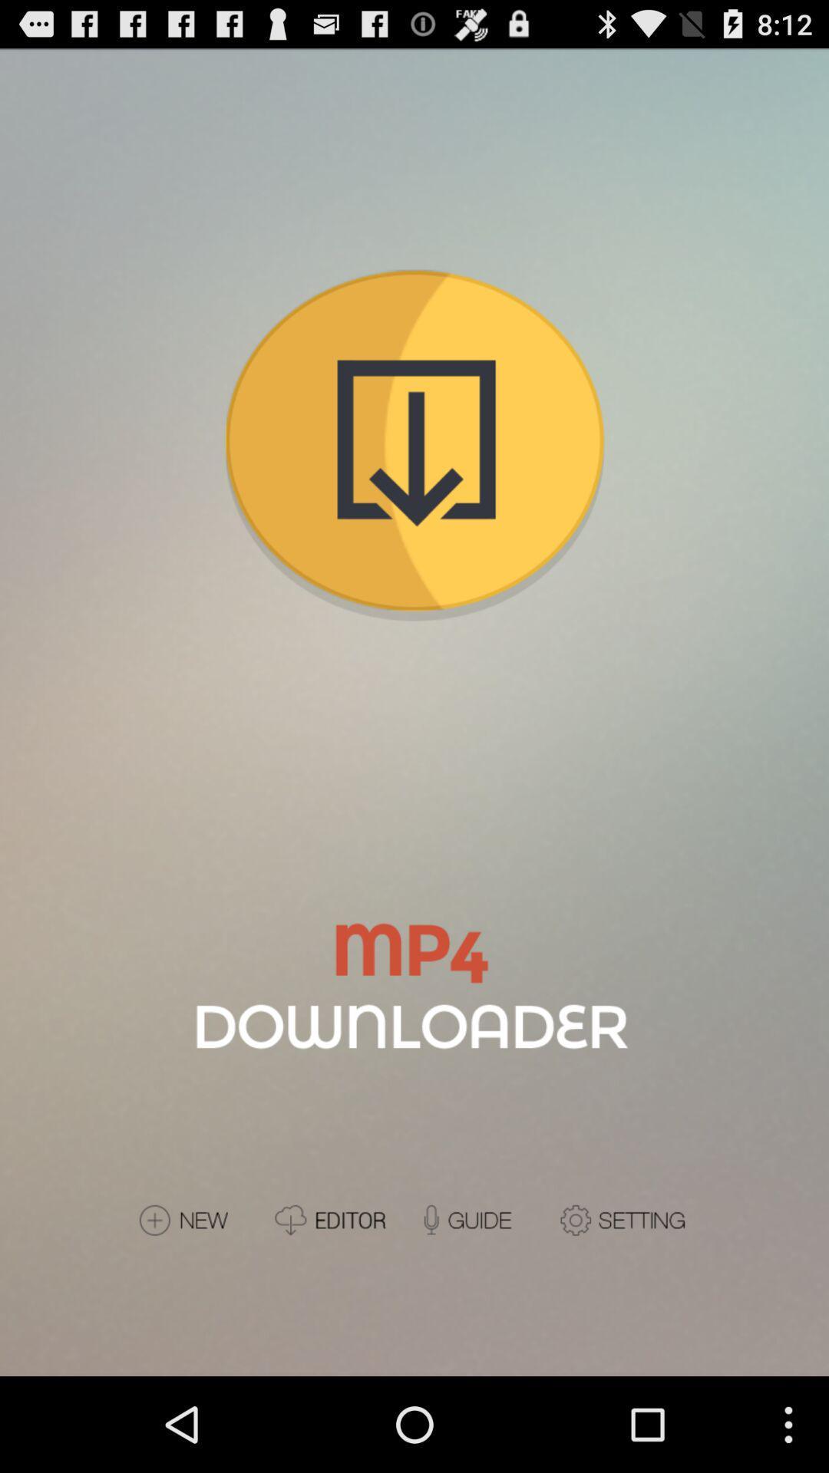  What do you see at coordinates (625, 1219) in the screenshot?
I see `settings button` at bounding box center [625, 1219].